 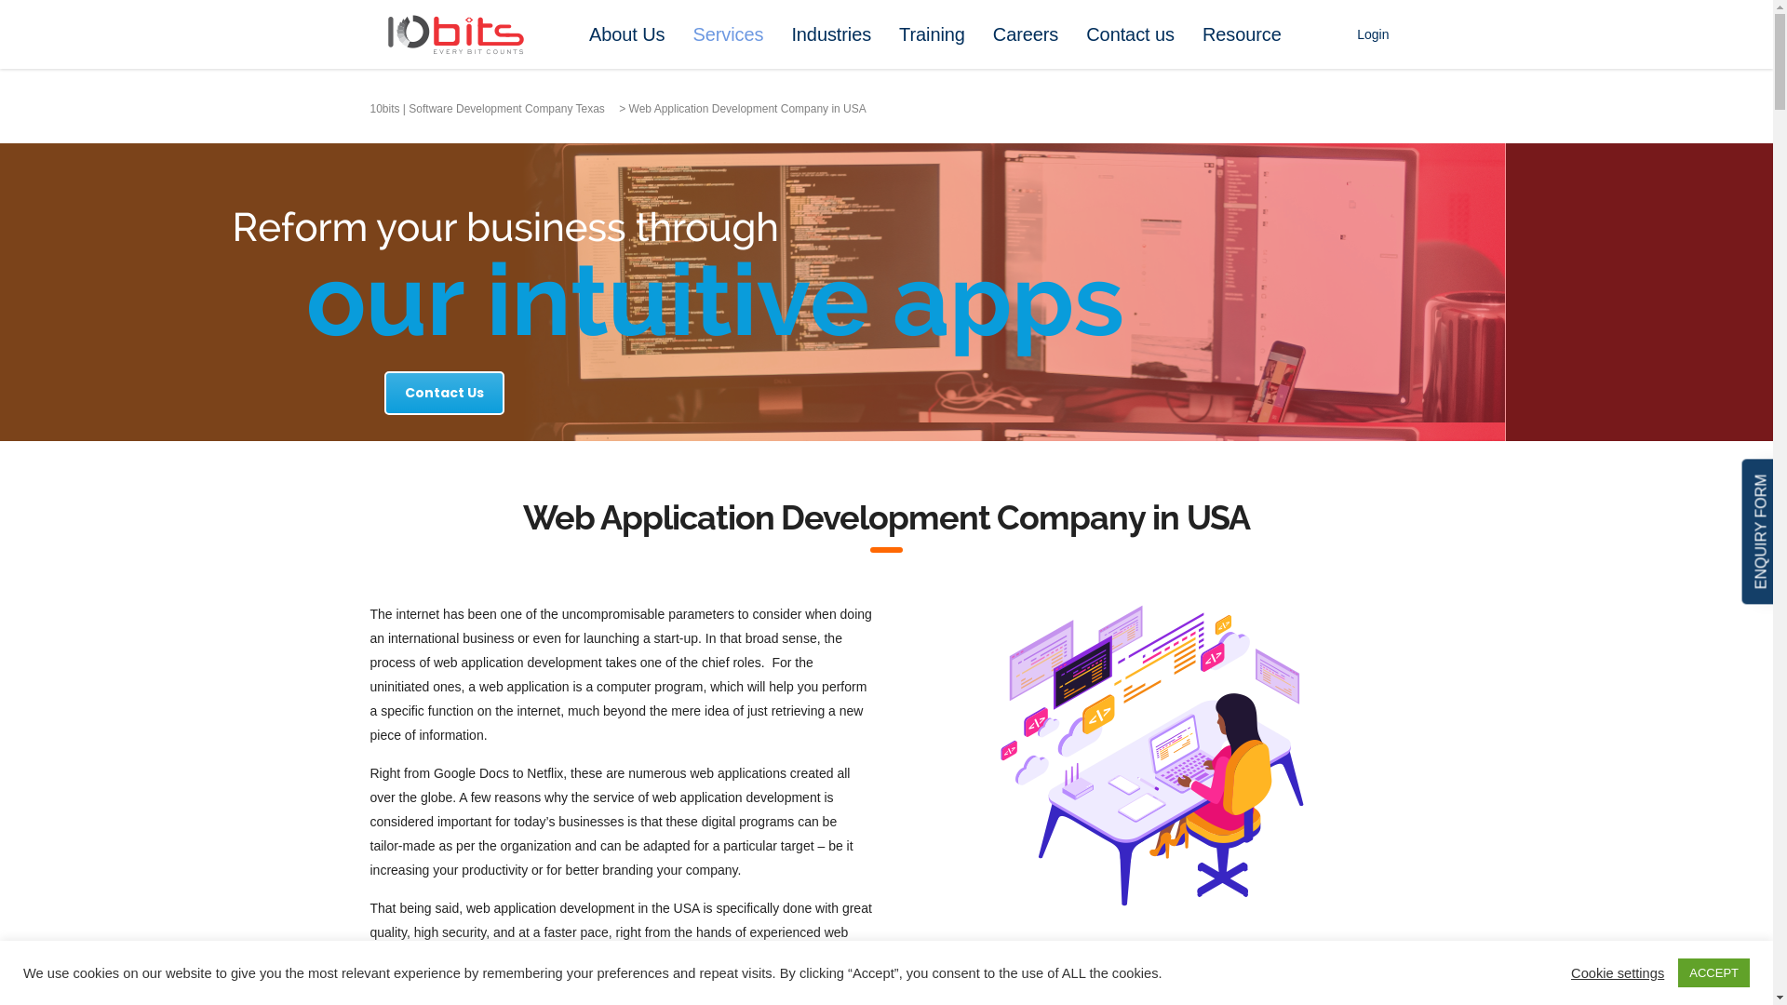 I want to click on 'Cookie settings', so click(x=1616, y=971).